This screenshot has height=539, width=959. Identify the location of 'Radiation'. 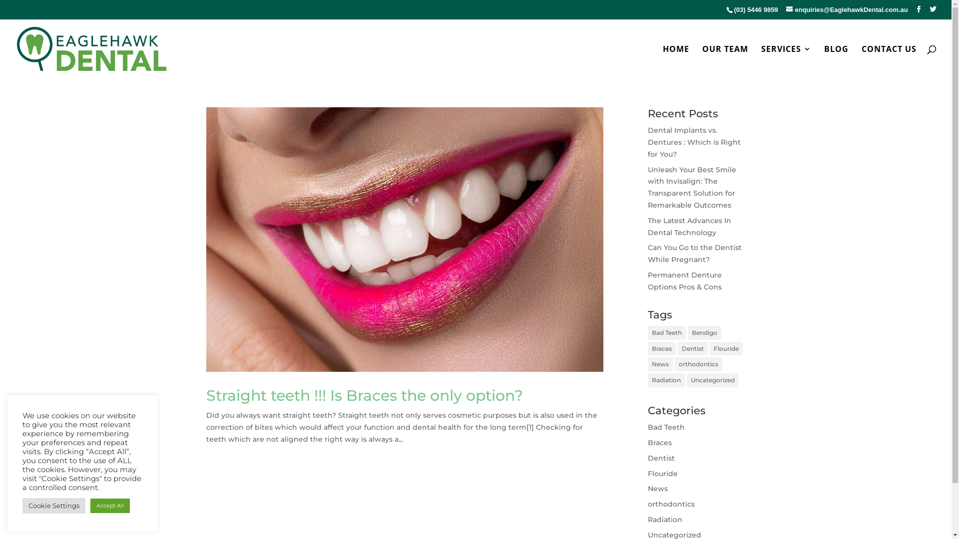
(647, 380).